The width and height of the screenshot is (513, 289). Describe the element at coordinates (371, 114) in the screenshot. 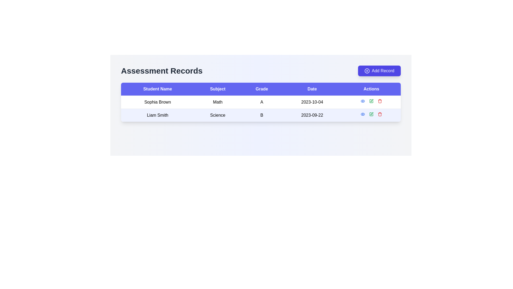

I see `the green pencil icon in the 'Actions' column of the second row to initiate editing for 'Liam Smith's assessment record` at that location.